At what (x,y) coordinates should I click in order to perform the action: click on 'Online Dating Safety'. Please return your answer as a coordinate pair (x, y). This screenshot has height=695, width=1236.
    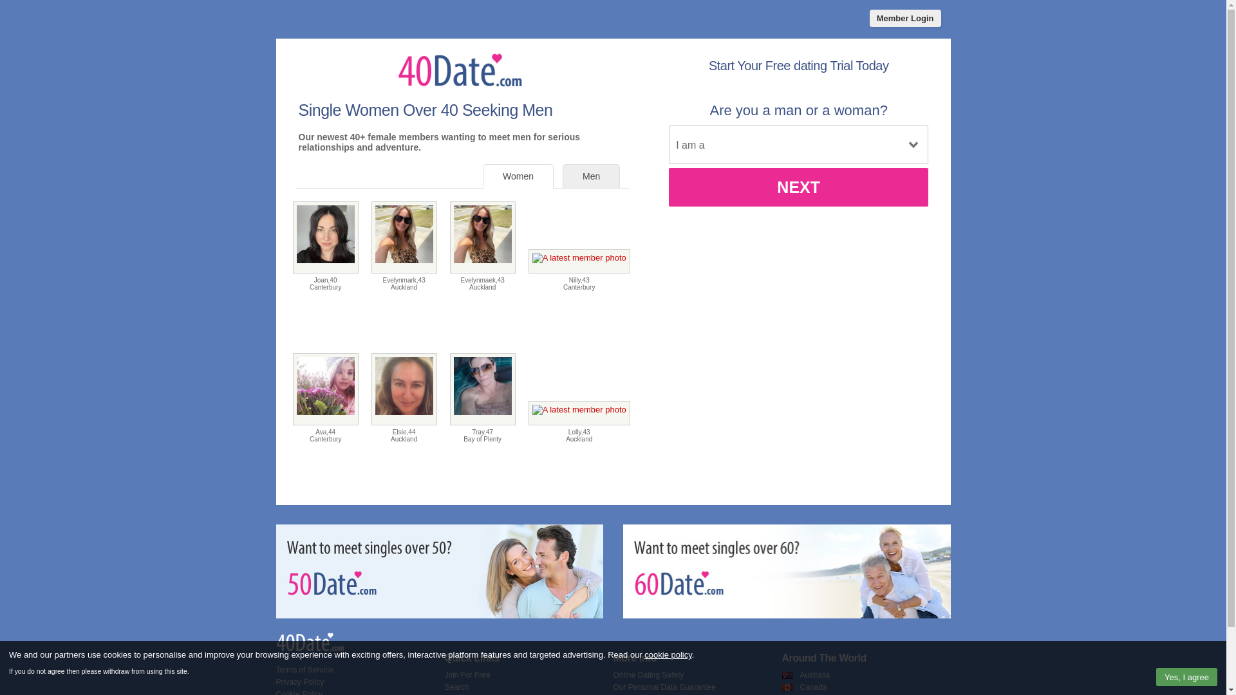
    Looking at the image, I should click on (648, 674).